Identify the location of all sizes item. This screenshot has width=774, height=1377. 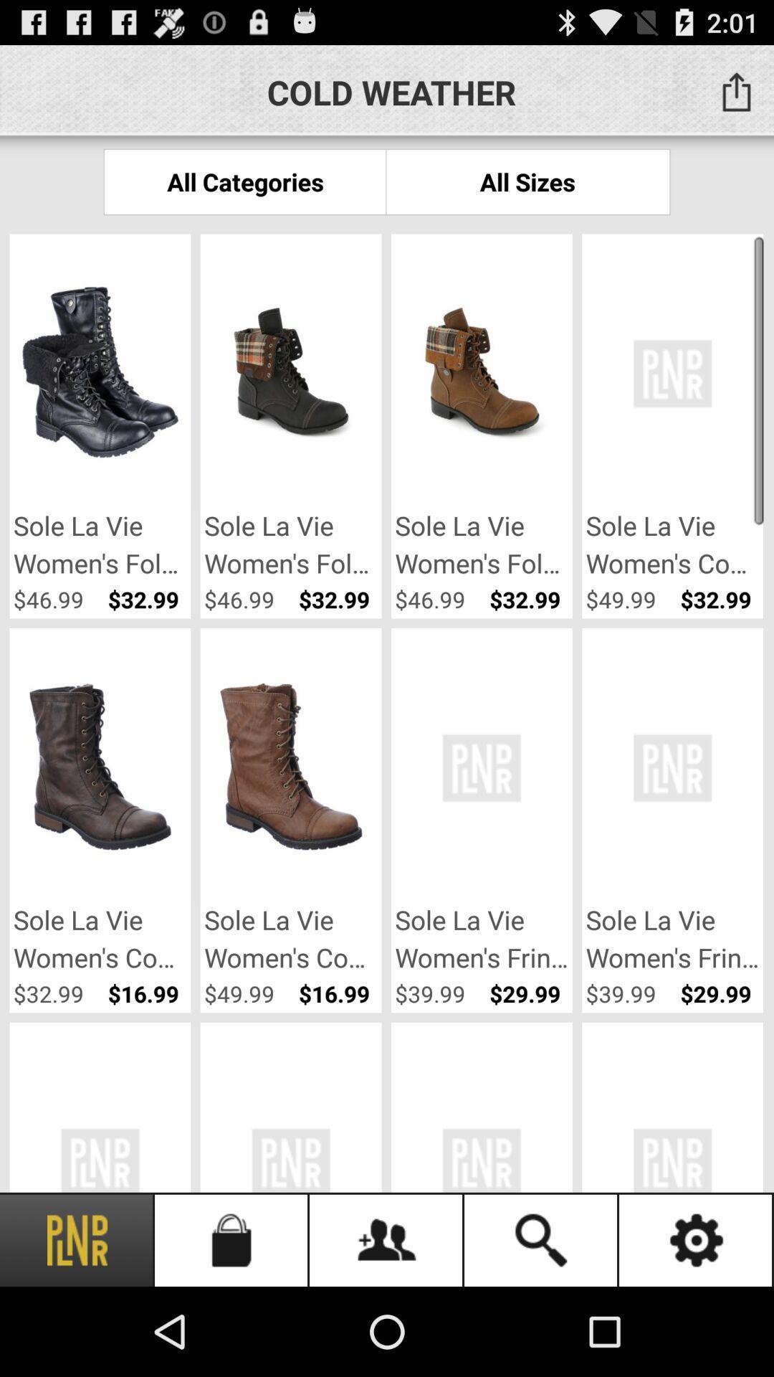
(527, 181).